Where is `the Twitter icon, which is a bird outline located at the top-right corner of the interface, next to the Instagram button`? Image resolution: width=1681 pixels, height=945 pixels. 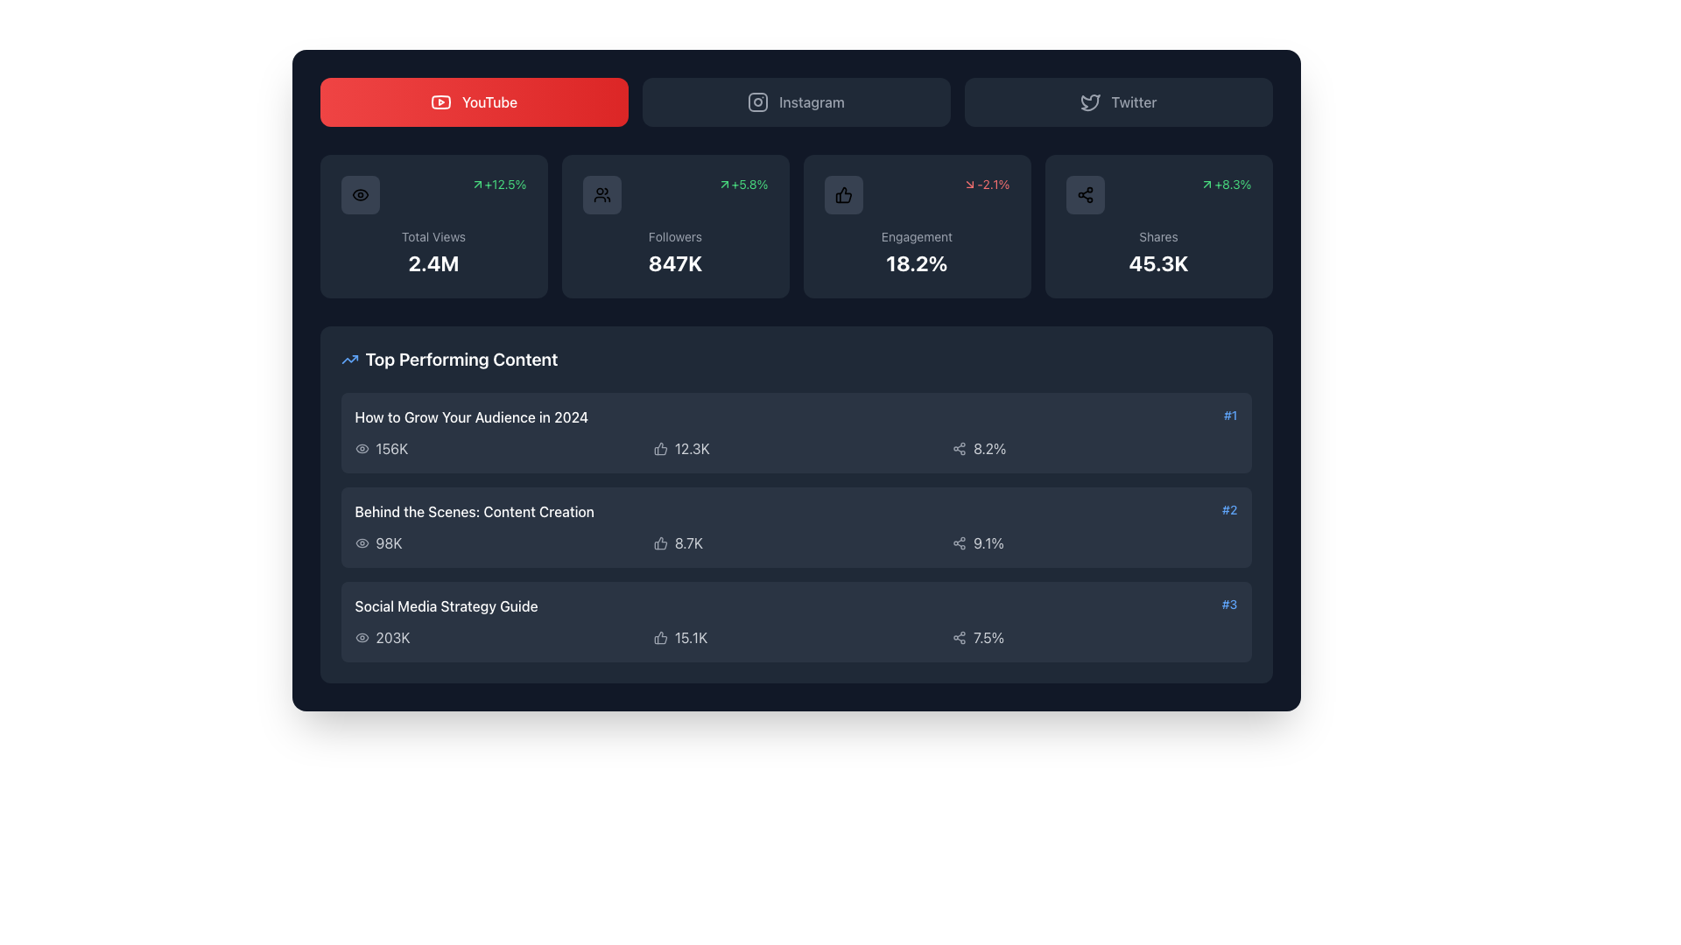
the Twitter icon, which is a bird outline located at the top-right corner of the interface, next to the Instagram button is located at coordinates (1089, 101).